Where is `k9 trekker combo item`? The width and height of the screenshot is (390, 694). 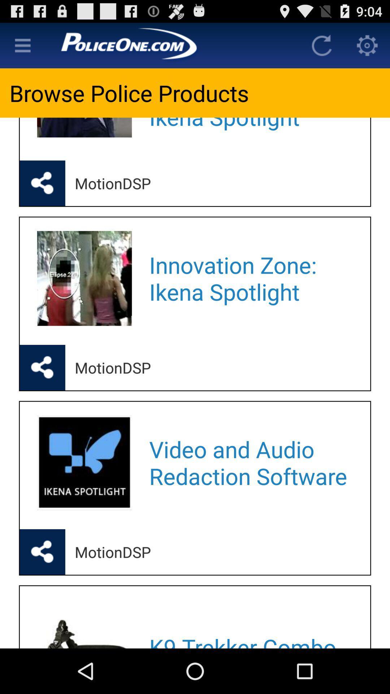 k9 trekker combo item is located at coordinates (250, 624).